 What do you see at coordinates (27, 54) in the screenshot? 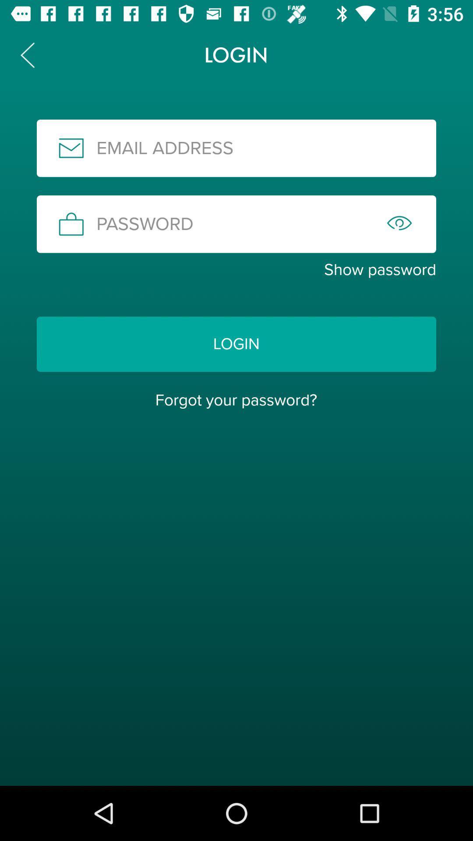
I see `an arrow button that takes you to a previous page` at bounding box center [27, 54].